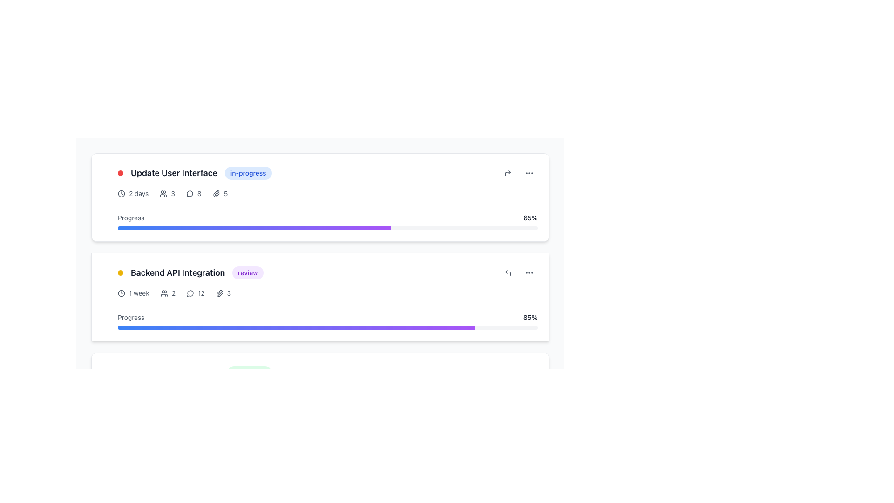  Describe the element at coordinates (121, 292) in the screenshot. I see `the SVG circle element that serves as the outer boundary of the clock icon in the top-left quarter of the 'Backend API Integration' task card` at that location.